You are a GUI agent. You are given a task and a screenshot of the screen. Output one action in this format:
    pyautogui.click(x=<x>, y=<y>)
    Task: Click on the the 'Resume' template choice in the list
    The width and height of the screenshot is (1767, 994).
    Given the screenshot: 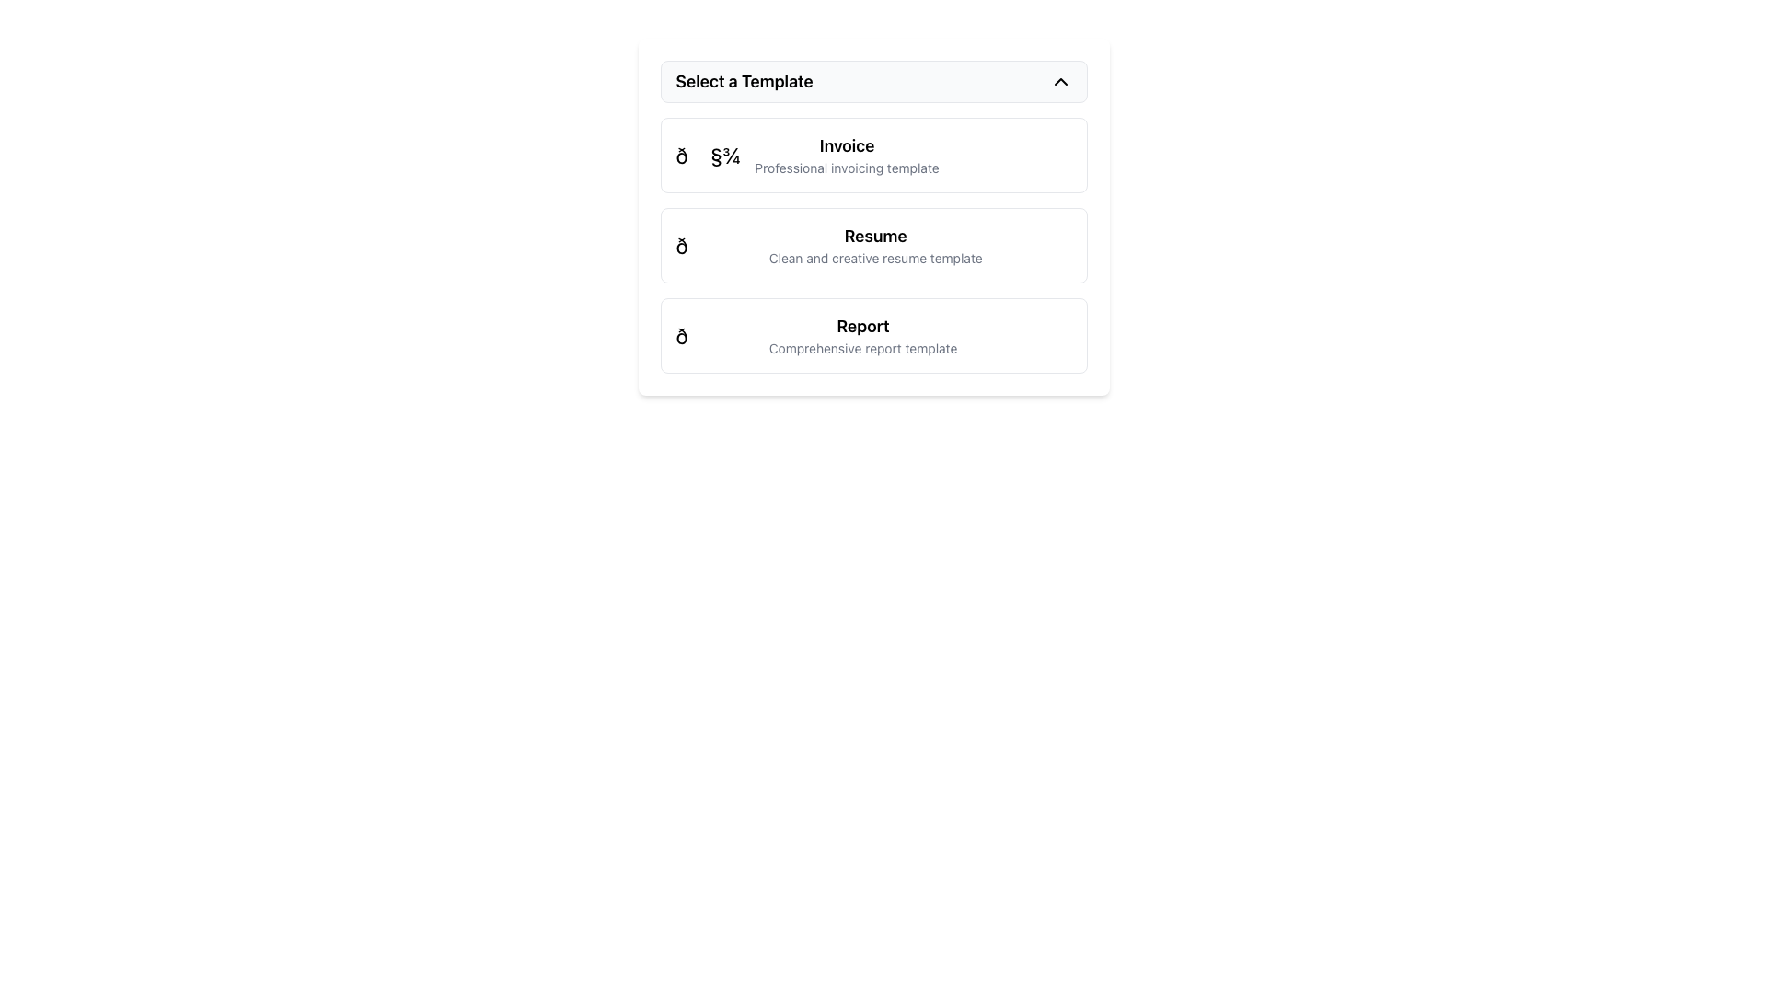 What is the action you would take?
    pyautogui.click(x=828, y=244)
    